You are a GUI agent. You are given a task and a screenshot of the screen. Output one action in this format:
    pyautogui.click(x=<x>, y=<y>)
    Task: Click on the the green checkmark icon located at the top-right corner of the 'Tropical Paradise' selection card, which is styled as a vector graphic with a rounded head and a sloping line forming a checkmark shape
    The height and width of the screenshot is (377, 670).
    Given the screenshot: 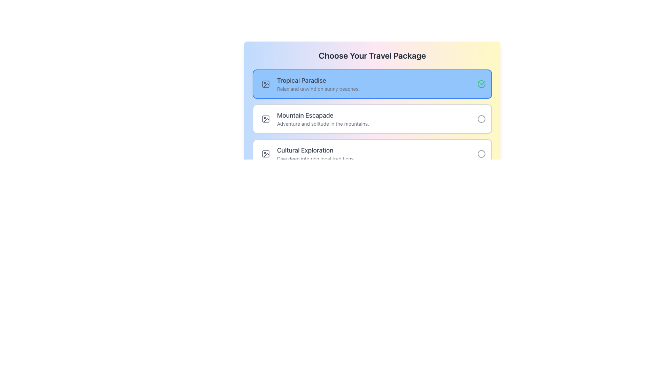 What is the action you would take?
    pyautogui.click(x=482, y=83)
    